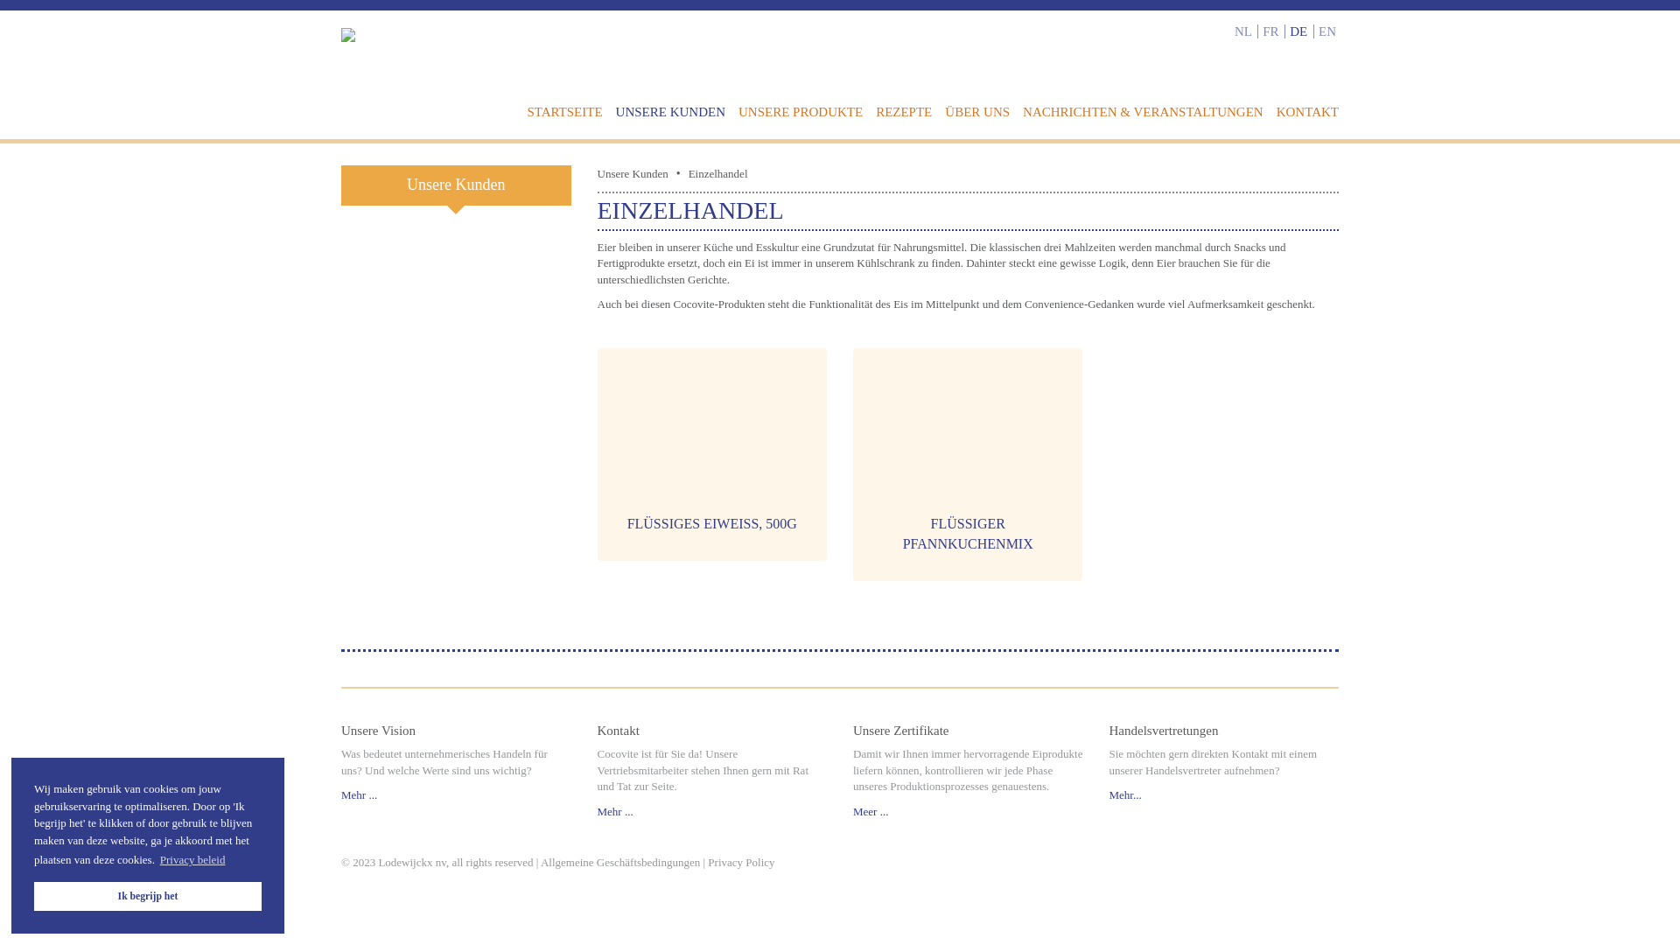 The image size is (1680, 945). Describe the element at coordinates (192, 858) in the screenshot. I see `'Privacy beleid'` at that location.